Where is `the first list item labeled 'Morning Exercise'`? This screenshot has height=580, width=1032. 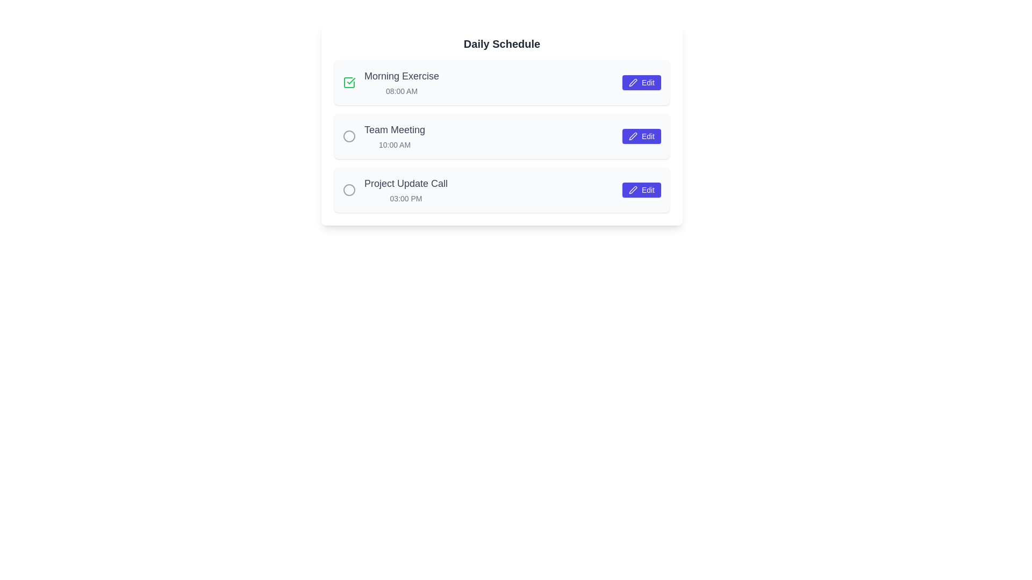
the first list item labeled 'Morning Exercise' is located at coordinates (501, 82).